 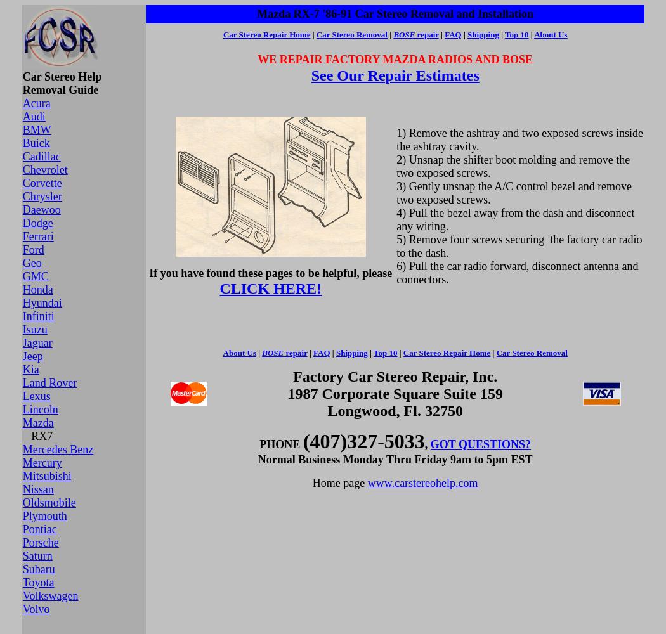 What do you see at coordinates (29, 369) in the screenshot?
I see `'Kia'` at bounding box center [29, 369].